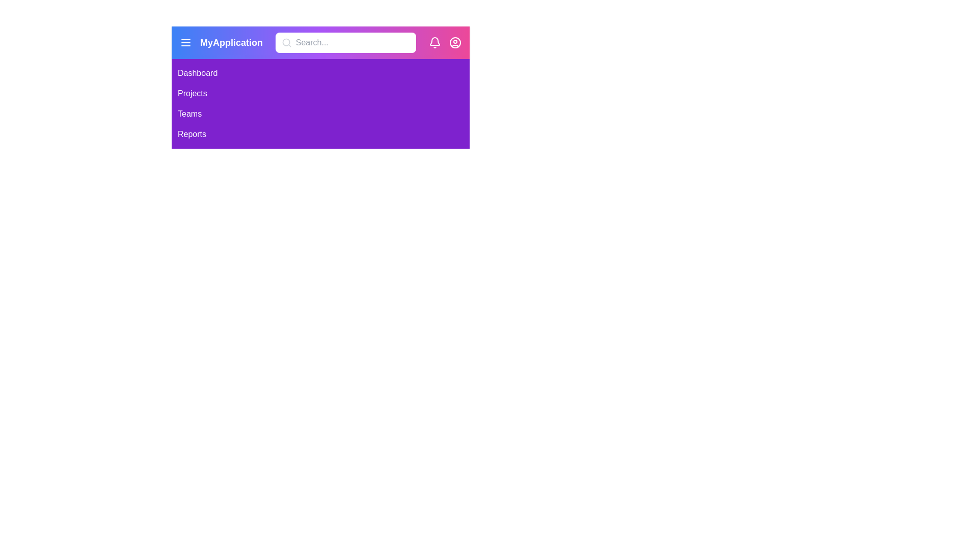 Image resolution: width=978 pixels, height=550 pixels. I want to click on the menu icon to toggle the sidebar, so click(185, 42).